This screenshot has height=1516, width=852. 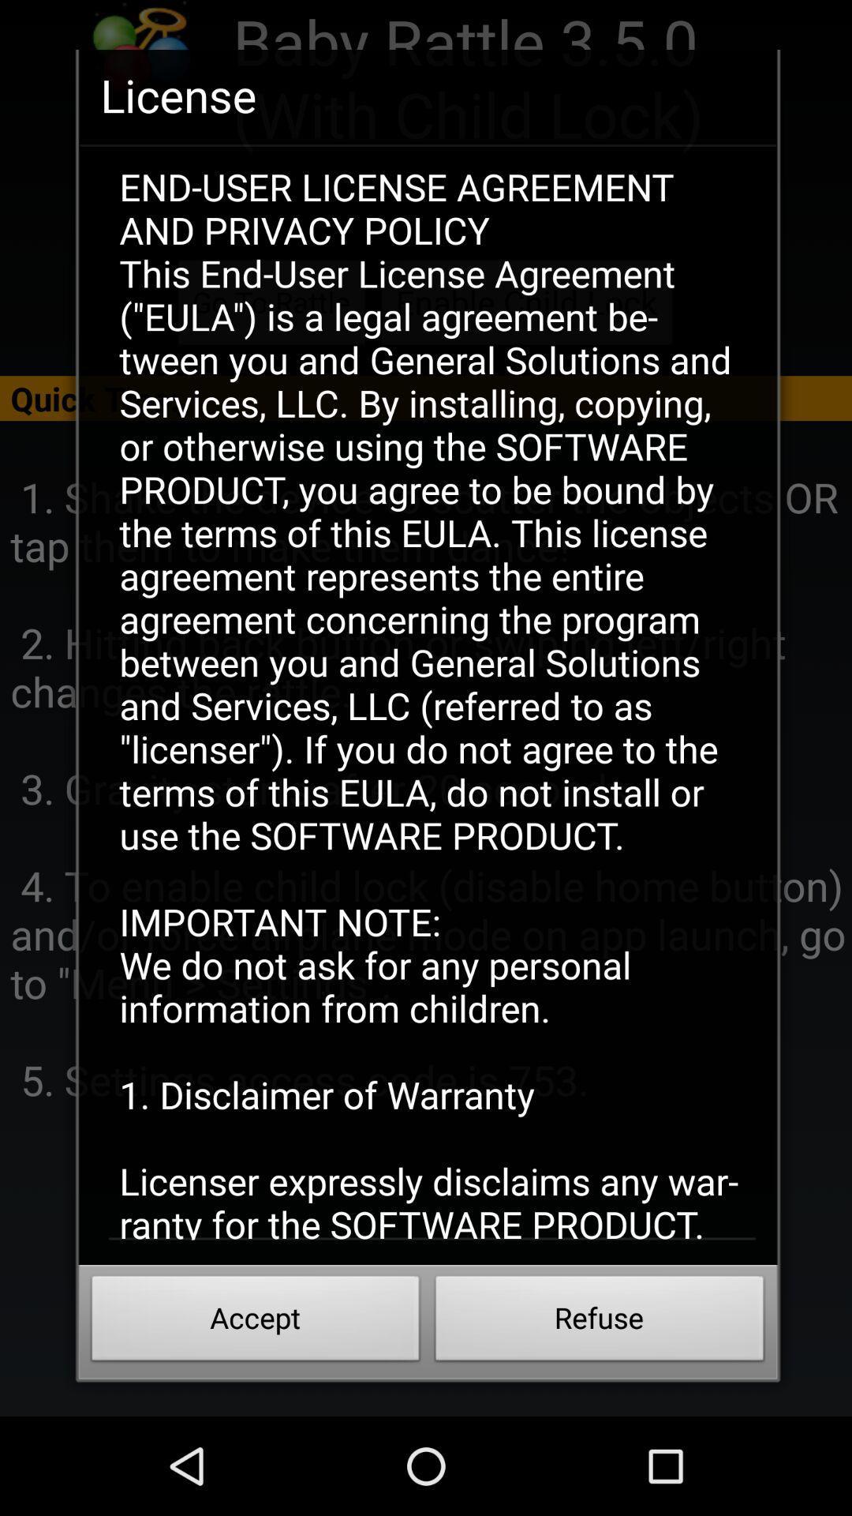 What do you see at coordinates (255, 1323) in the screenshot?
I see `the accept button` at bounding box center [255, 1323].